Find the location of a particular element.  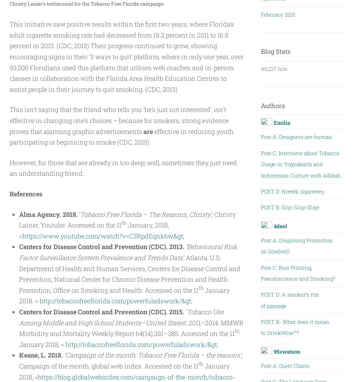

'Blog Stats' is located at coordinates (260, 51).